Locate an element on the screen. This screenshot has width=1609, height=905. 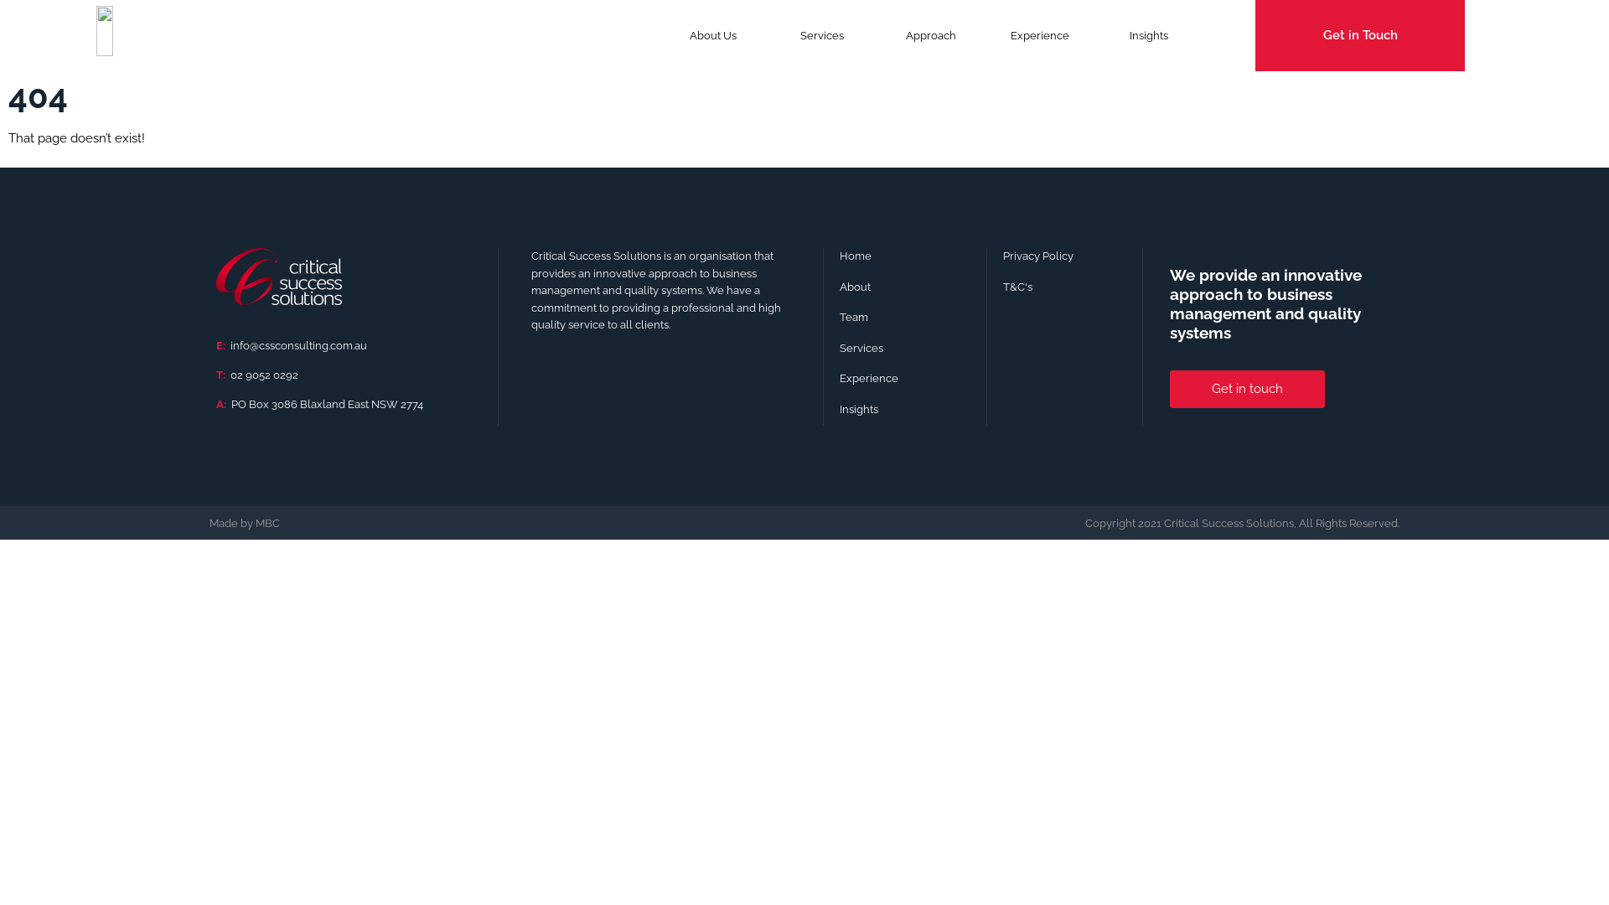
'Approach' is located at coordinates (876, 35).